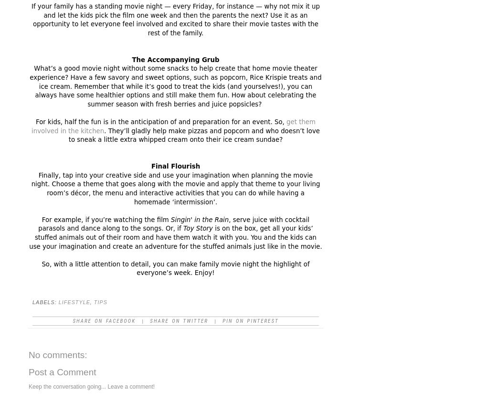 The image size is (486, 413). What do you see at coordinates (106, 219) in the screenshot?
I see `'For example, if you’re watching the film'` at bounding box center [106, 219].